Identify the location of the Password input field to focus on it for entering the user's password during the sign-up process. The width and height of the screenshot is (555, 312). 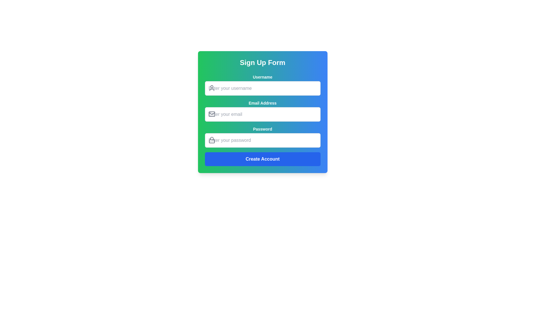
(262, 140).